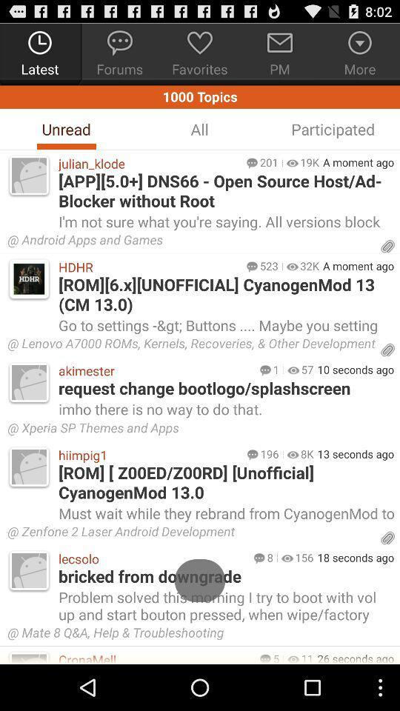 This screenshot has height=711, width=400. Describe the element at coordinates (191, 533) in the screenshot. I see `the icon above the 18 seconds ago icon` at that location.